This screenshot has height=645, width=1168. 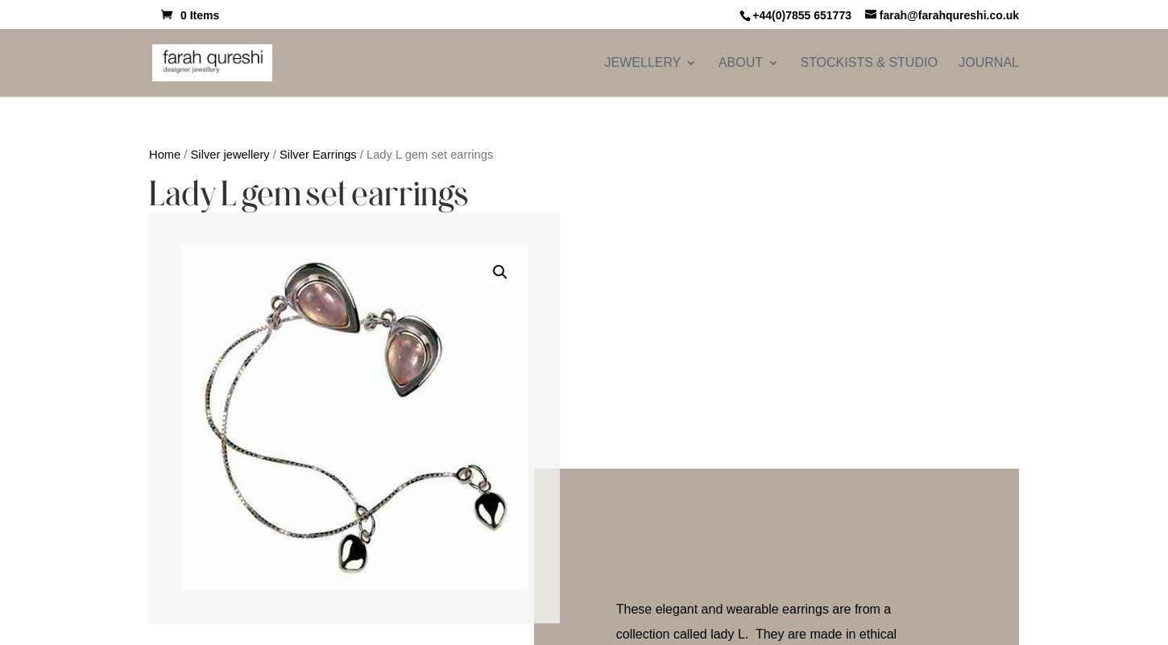 What do you see at coordinates (888, 387) in the screenshot?
I see `'Silver Pendants'` at bounding box center [888, 387].